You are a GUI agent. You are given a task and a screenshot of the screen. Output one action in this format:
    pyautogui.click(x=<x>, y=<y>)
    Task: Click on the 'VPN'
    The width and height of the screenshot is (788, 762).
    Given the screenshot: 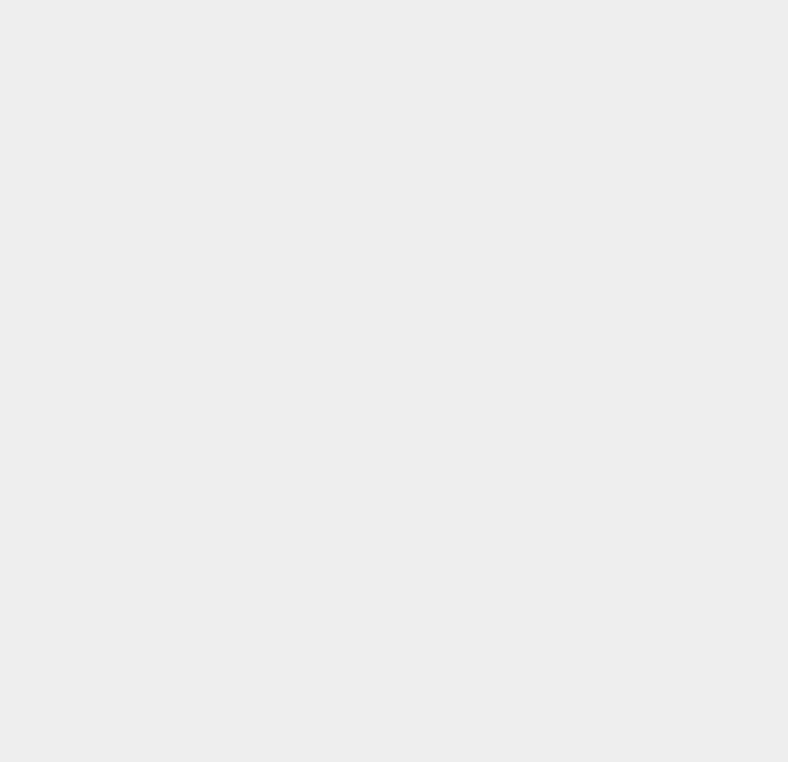 What is the action you would take?
    pyautogui.click(x=567, y=632)
    